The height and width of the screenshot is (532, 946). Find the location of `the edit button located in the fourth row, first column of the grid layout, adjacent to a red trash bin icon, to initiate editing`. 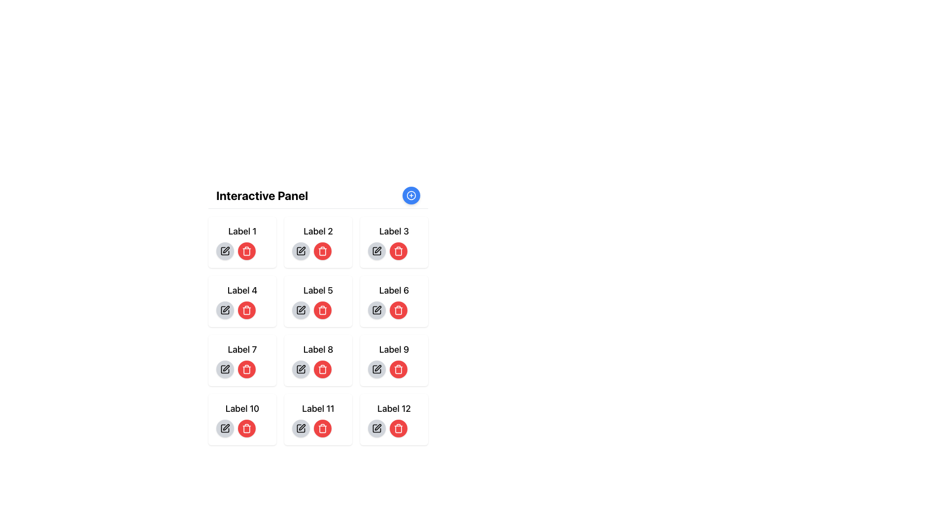

the edit button located in the fourth row, first column of the grid layout, adjacent to a red trash bin icon, to initiate editing is located at coordinates (224, 309).